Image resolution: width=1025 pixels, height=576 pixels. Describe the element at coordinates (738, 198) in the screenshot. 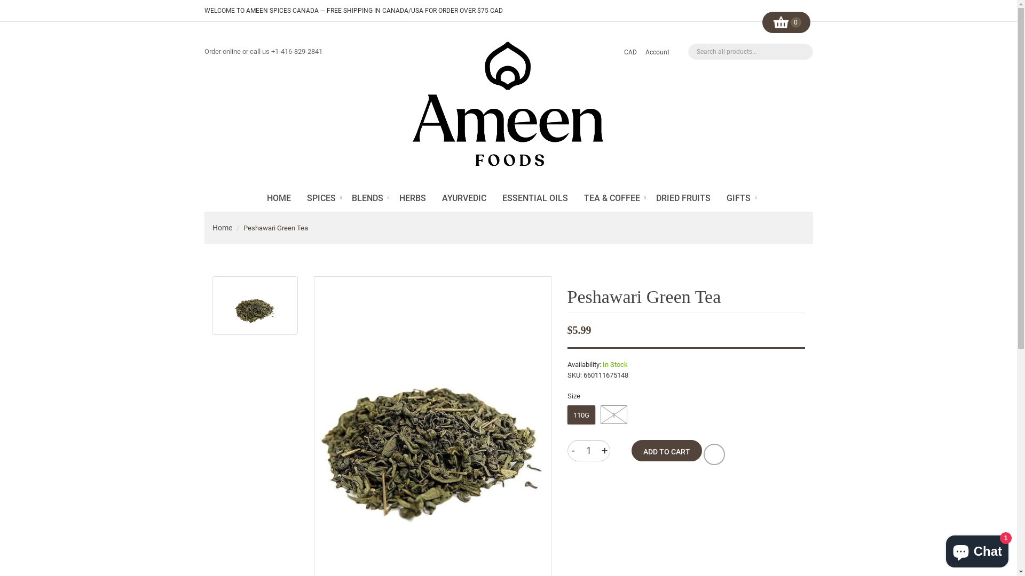

I see `'GIFTS'` at that location.